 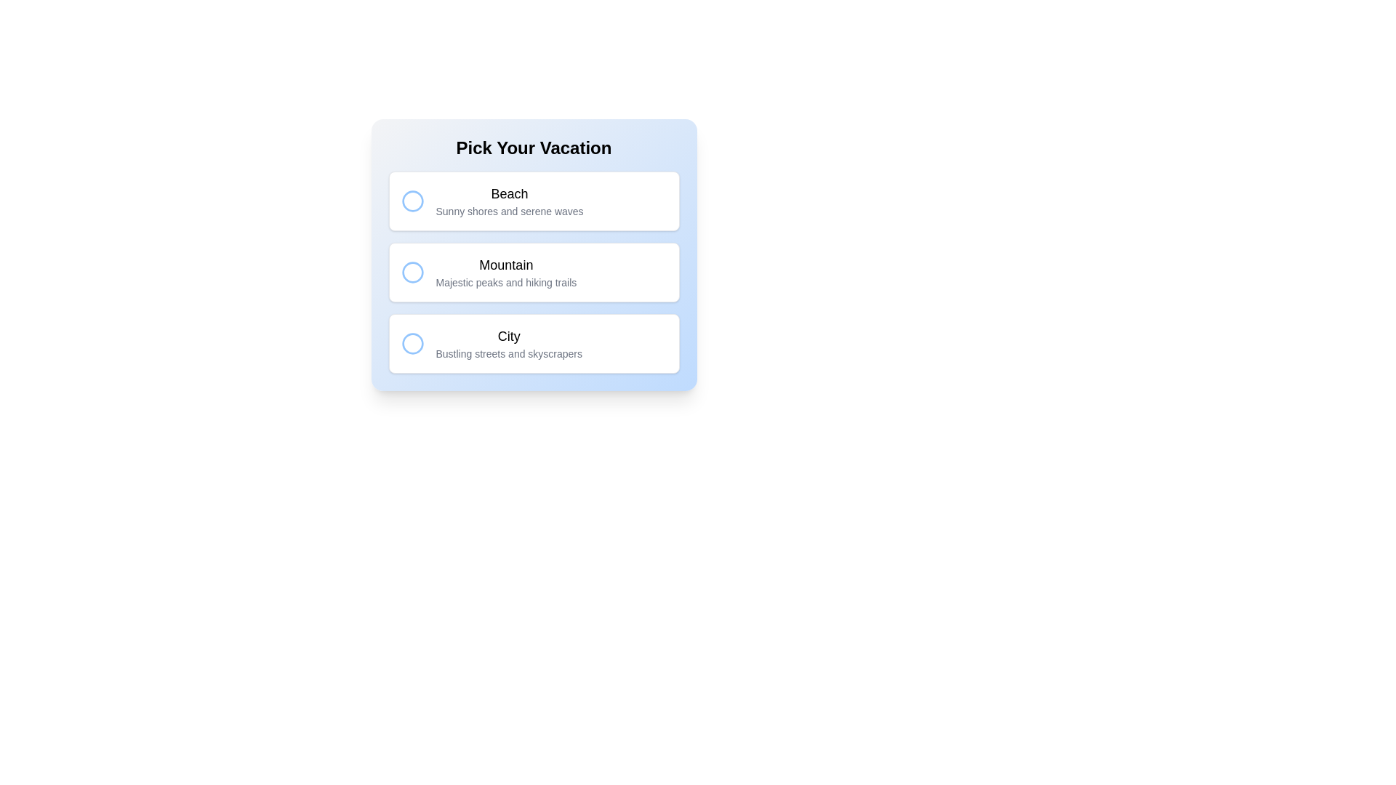 What do you see at coordinates (533, 272) in the screenshot?
I see `descriptive text of the 'Mountain' vacation option, which is the second option in the list under the 'Pick Your Vacation' heading` at bounding box center [533, 272].